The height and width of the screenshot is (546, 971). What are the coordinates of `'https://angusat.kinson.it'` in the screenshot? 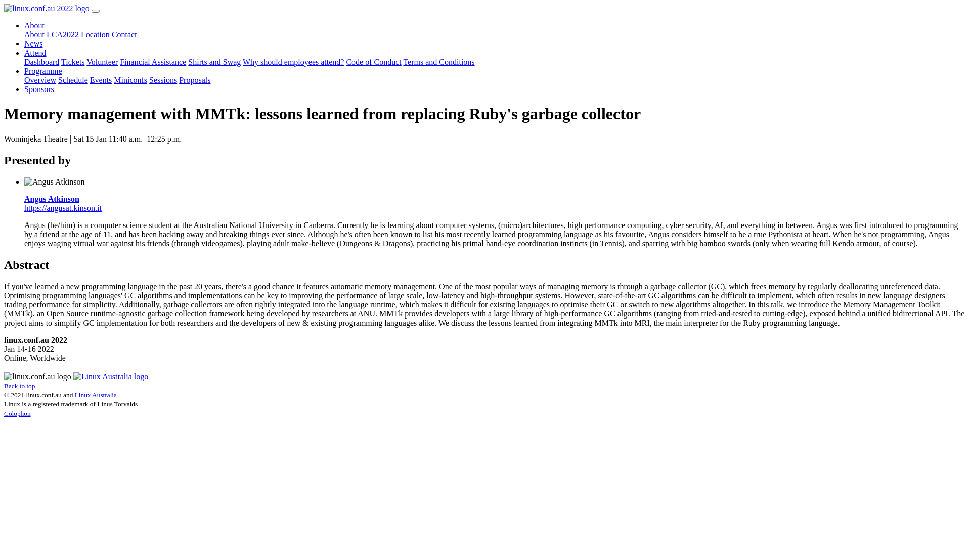 It's located at (62, 207).